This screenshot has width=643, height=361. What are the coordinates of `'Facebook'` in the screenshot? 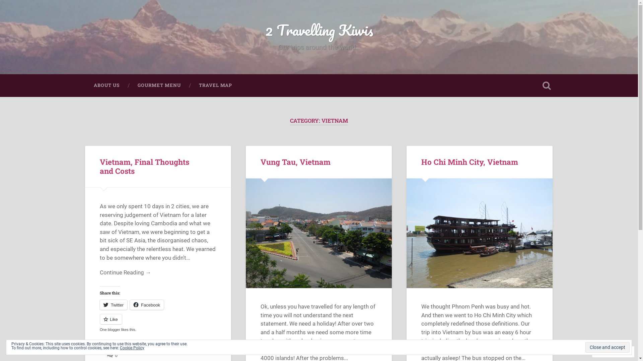 It's located at (146, 305).